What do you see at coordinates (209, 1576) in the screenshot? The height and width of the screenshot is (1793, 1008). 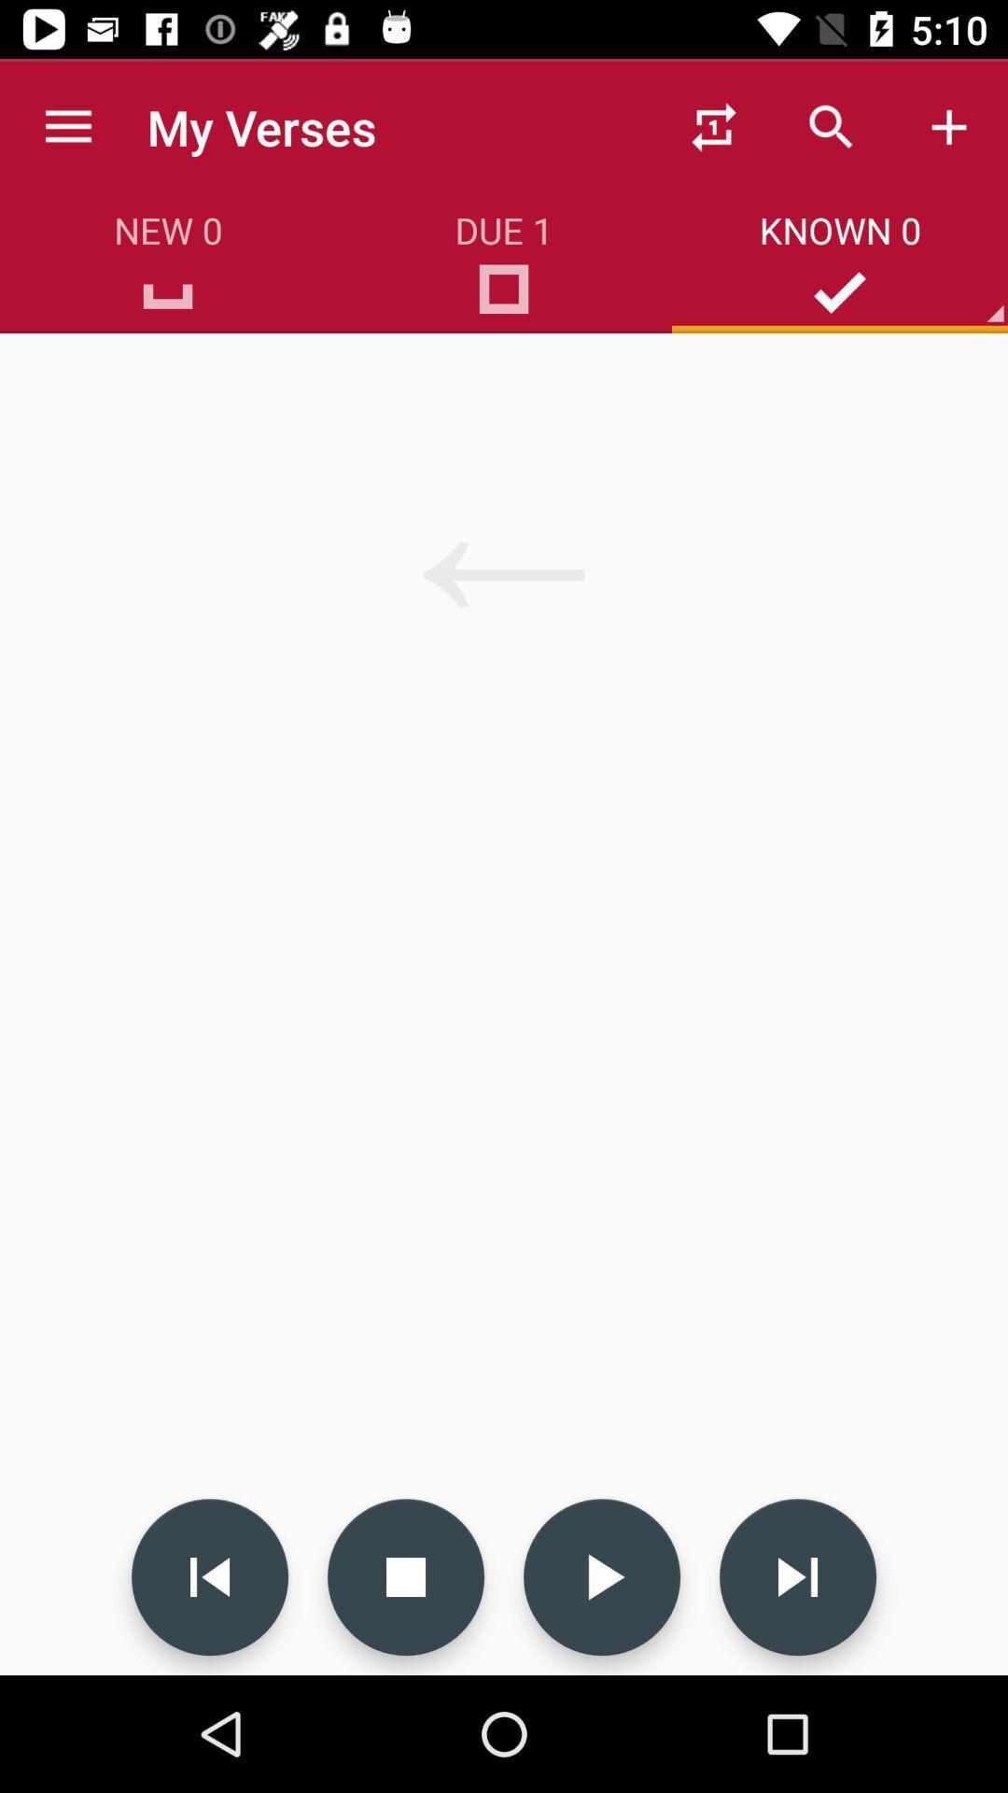 I see `the skip_previous icon` at bounding box center [209, 1576].